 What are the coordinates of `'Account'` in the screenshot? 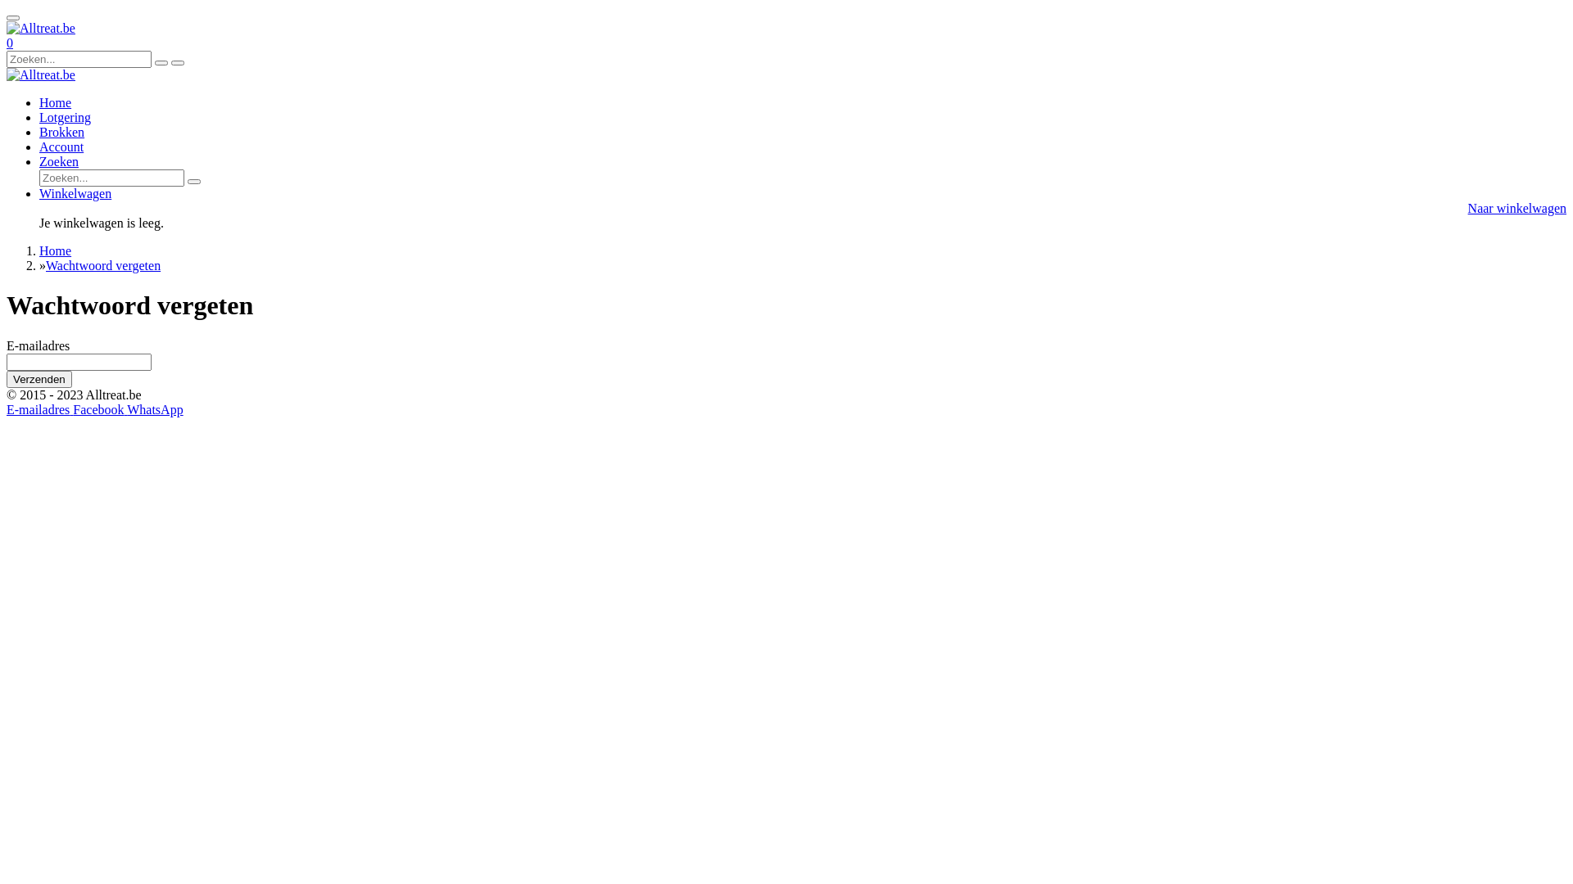 It's located at (61, 146).